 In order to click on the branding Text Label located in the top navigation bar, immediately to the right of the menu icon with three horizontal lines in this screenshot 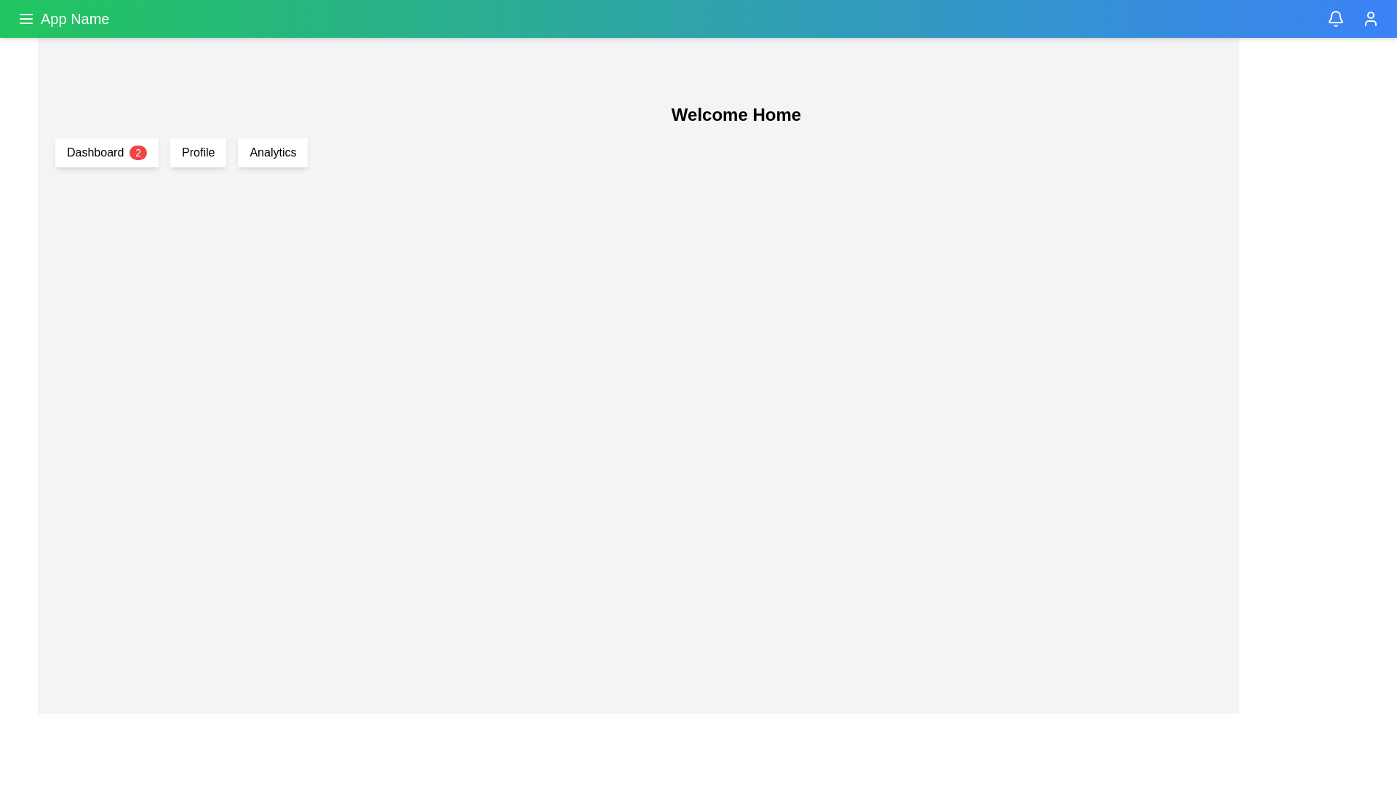, I will do `click(74, 19)`.